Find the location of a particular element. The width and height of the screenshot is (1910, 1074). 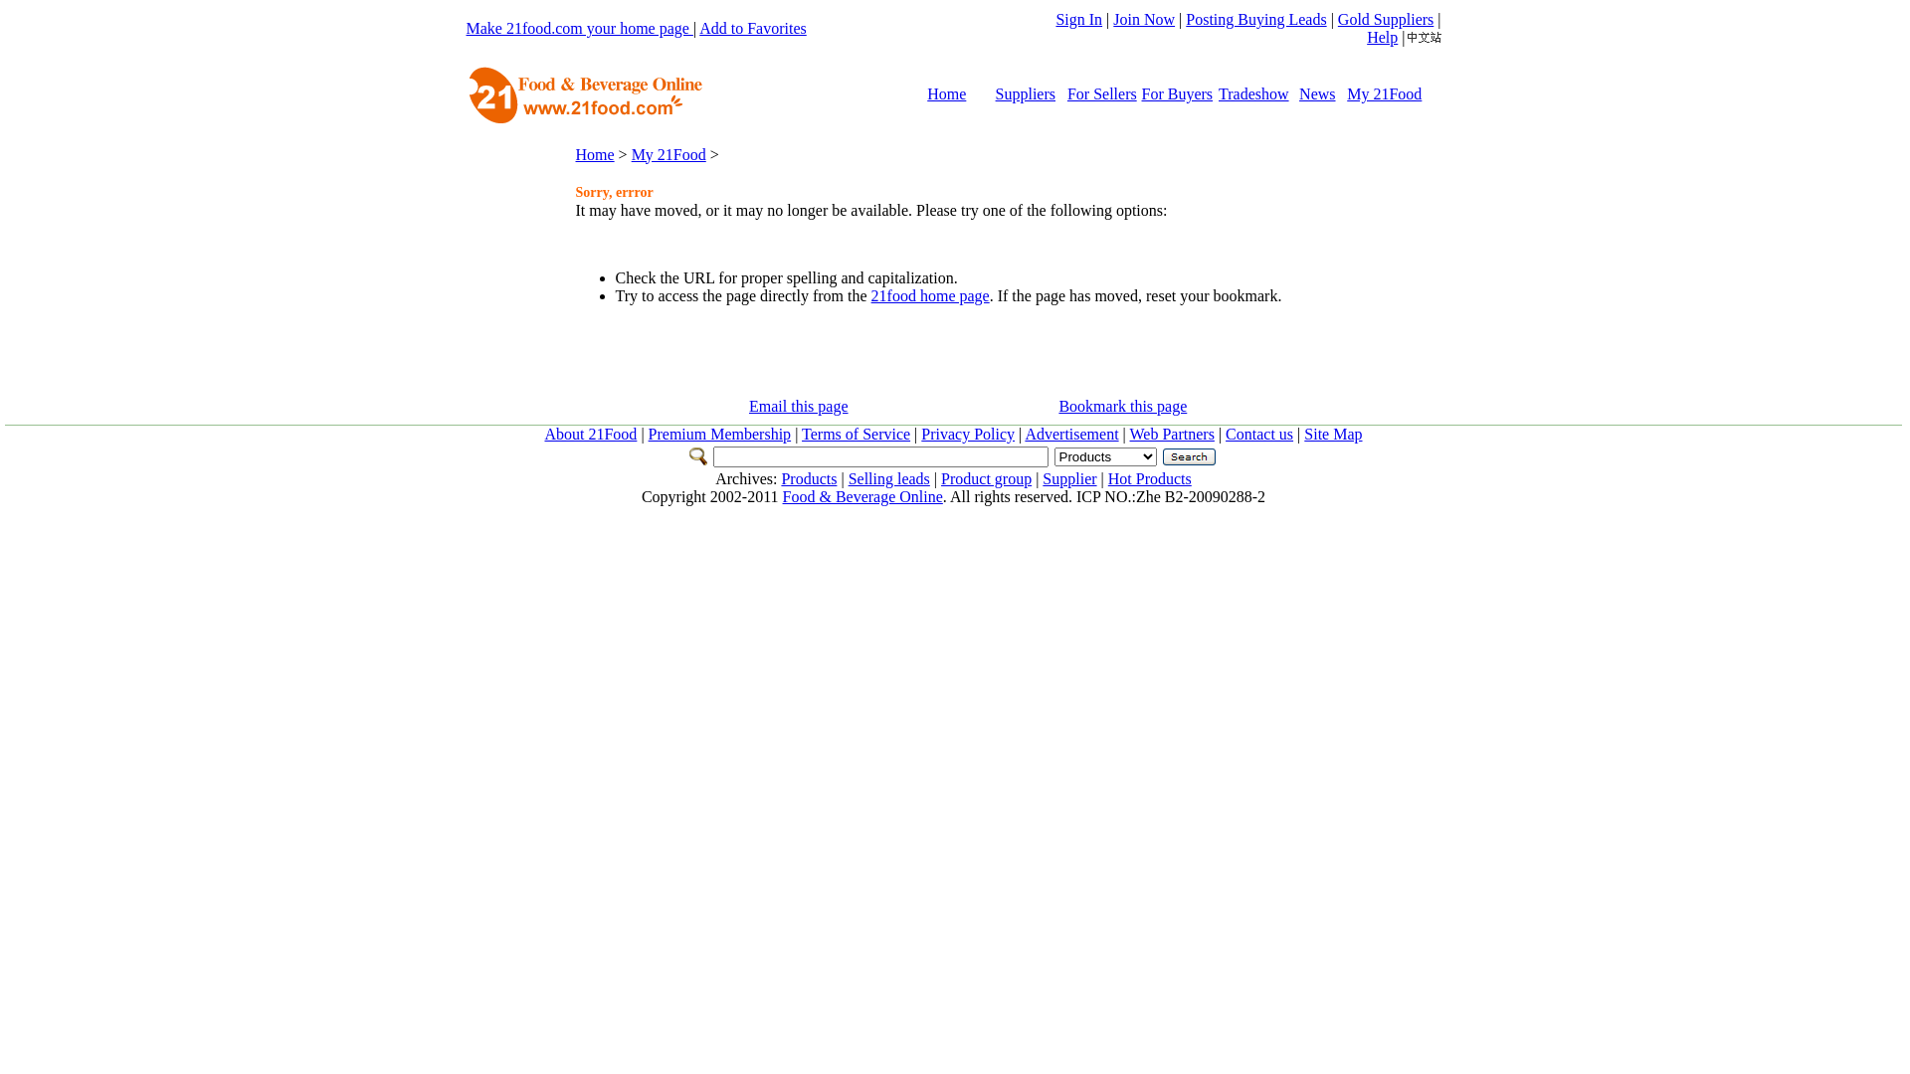

'21food home page' is located at coordinates (929, 295).